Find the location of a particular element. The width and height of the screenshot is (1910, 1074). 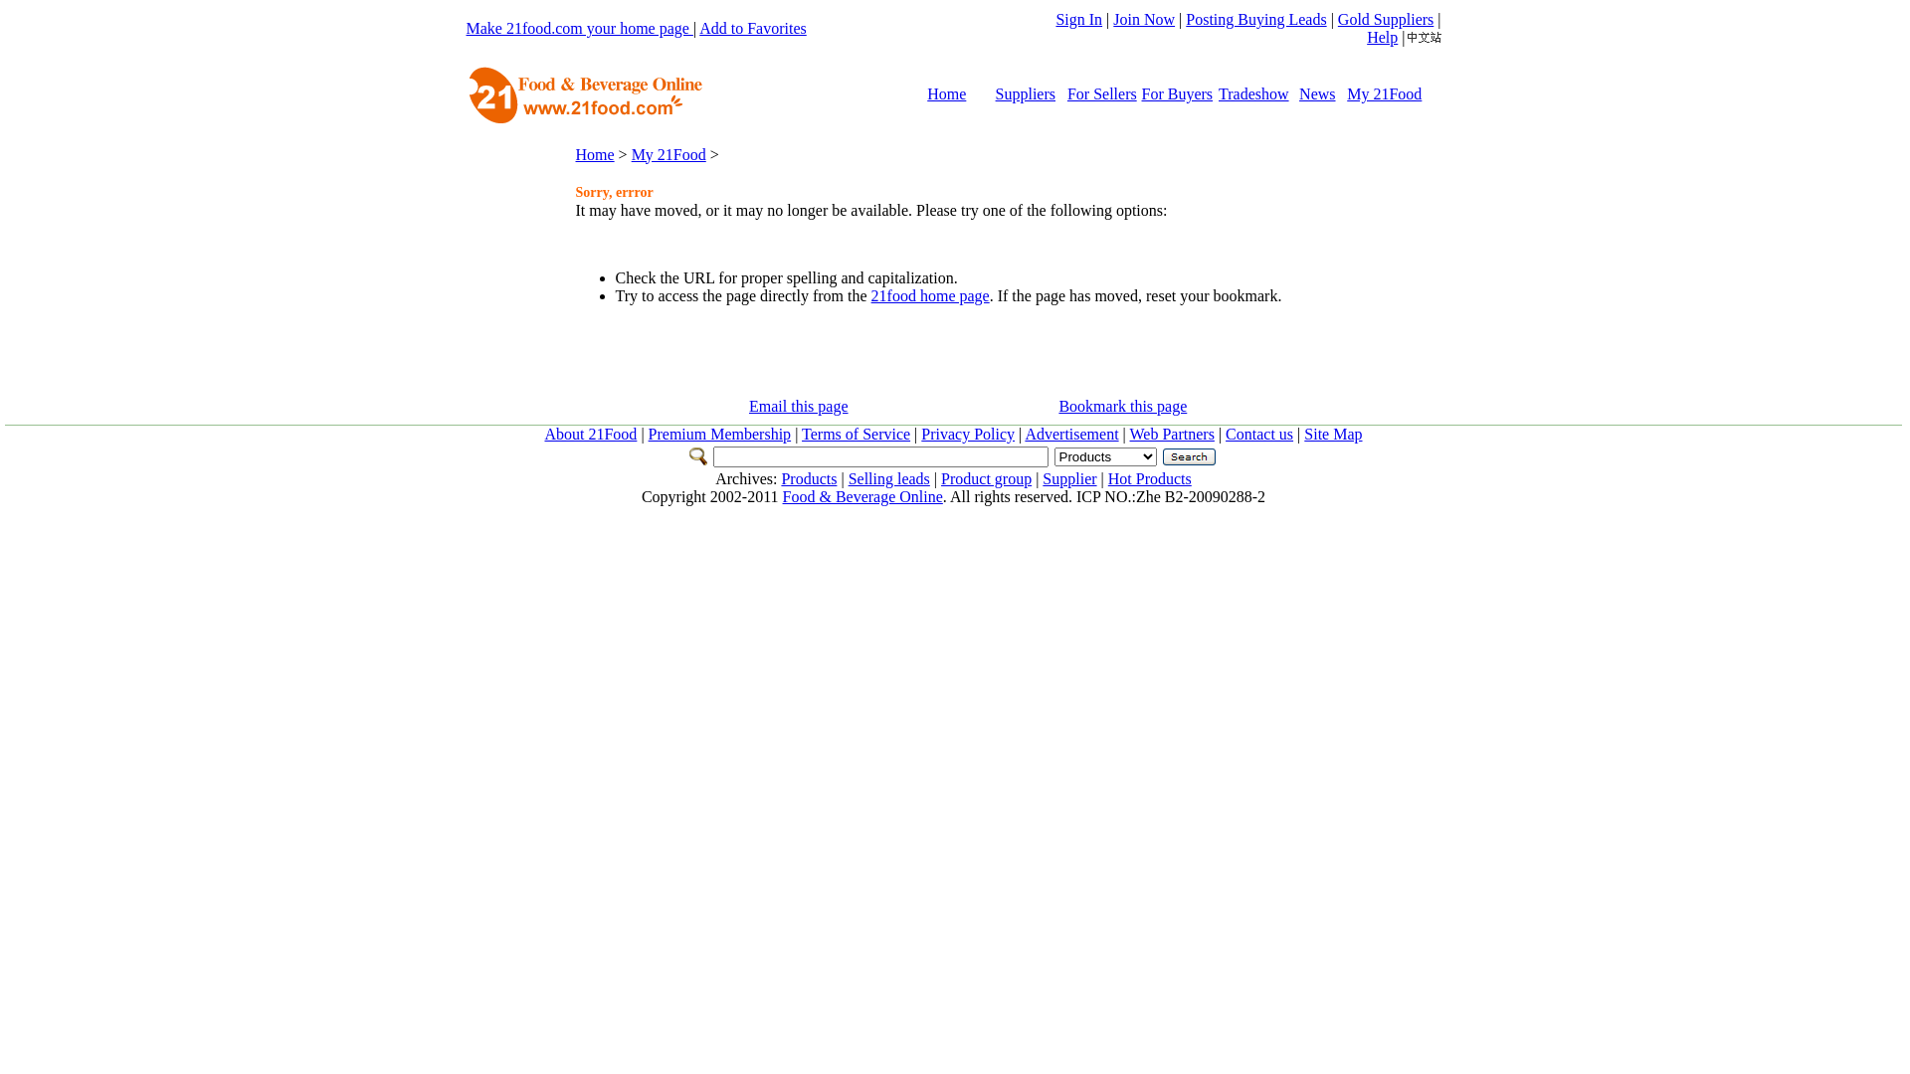

'21food home page' is located at coordinates (929, 295).